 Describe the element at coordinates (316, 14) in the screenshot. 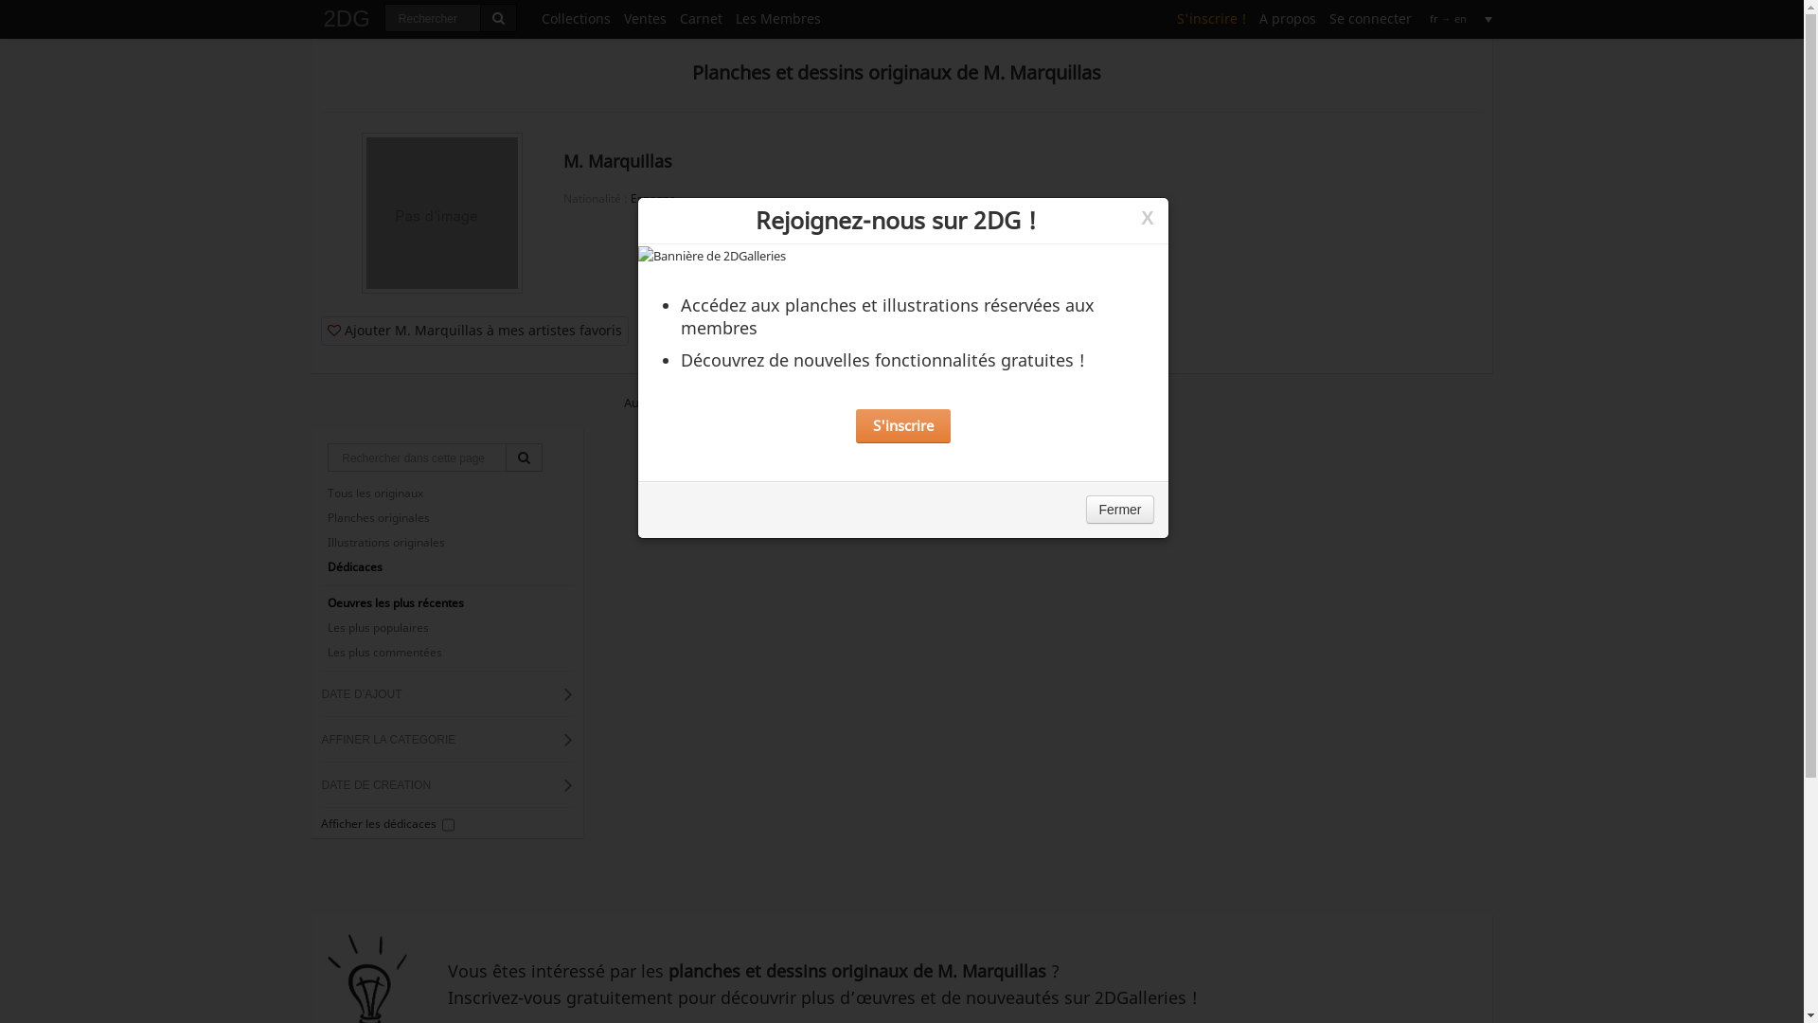

I see `'2DG'` at that location.